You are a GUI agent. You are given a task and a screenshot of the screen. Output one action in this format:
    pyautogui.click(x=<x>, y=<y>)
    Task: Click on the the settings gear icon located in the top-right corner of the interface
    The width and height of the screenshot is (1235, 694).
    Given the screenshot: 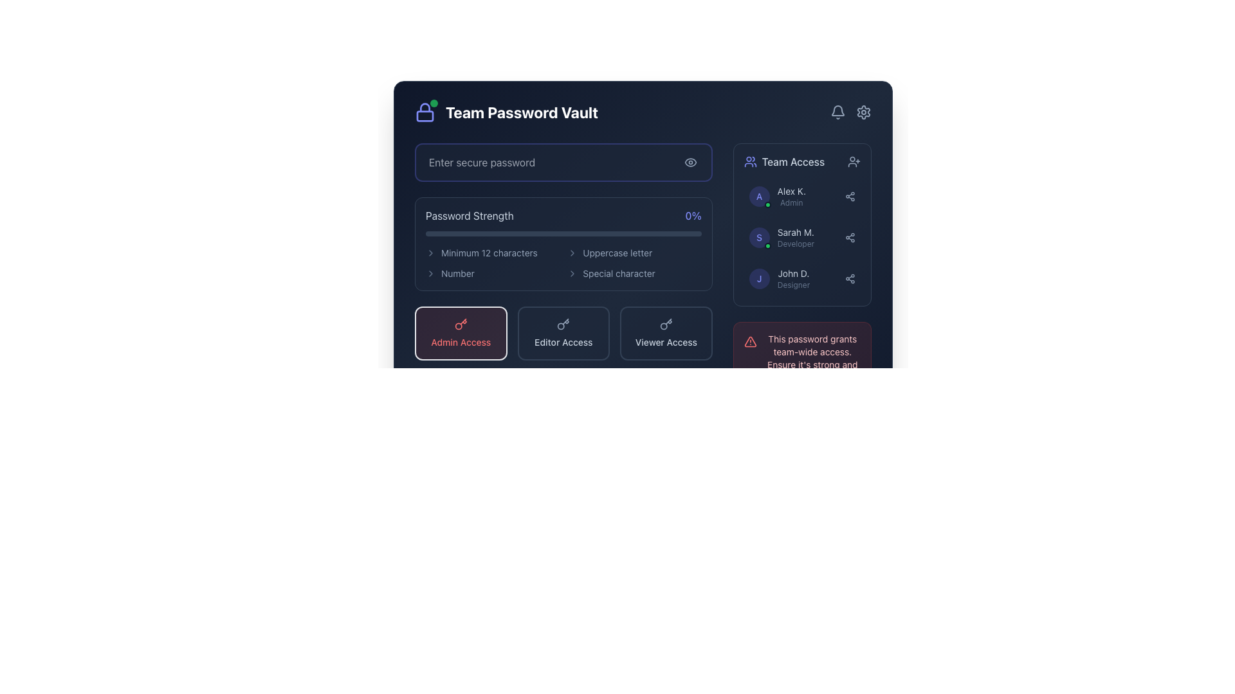 What is the action you would take?
    pyautogui.click(x=864, y=111)
    